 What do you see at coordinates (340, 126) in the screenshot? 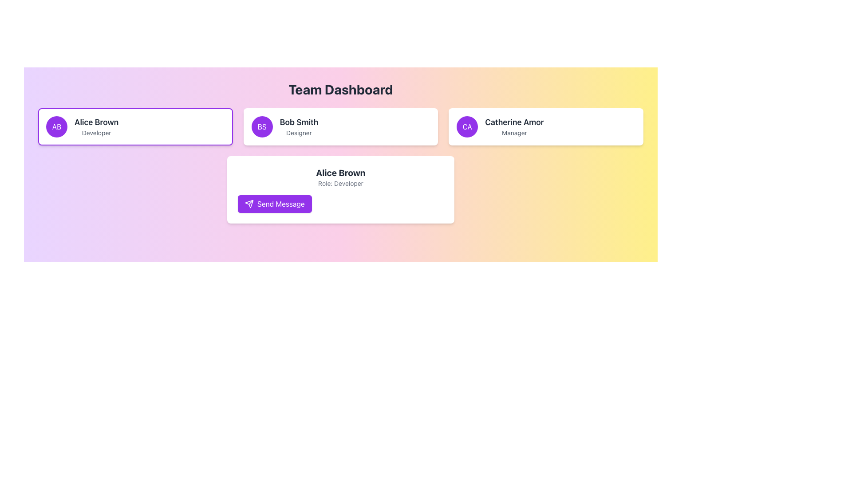
I see `on the team member's profile card displaying their name and role in the center of the grid layout under 'Team Dashboard'` at bounding box center [340, 126].